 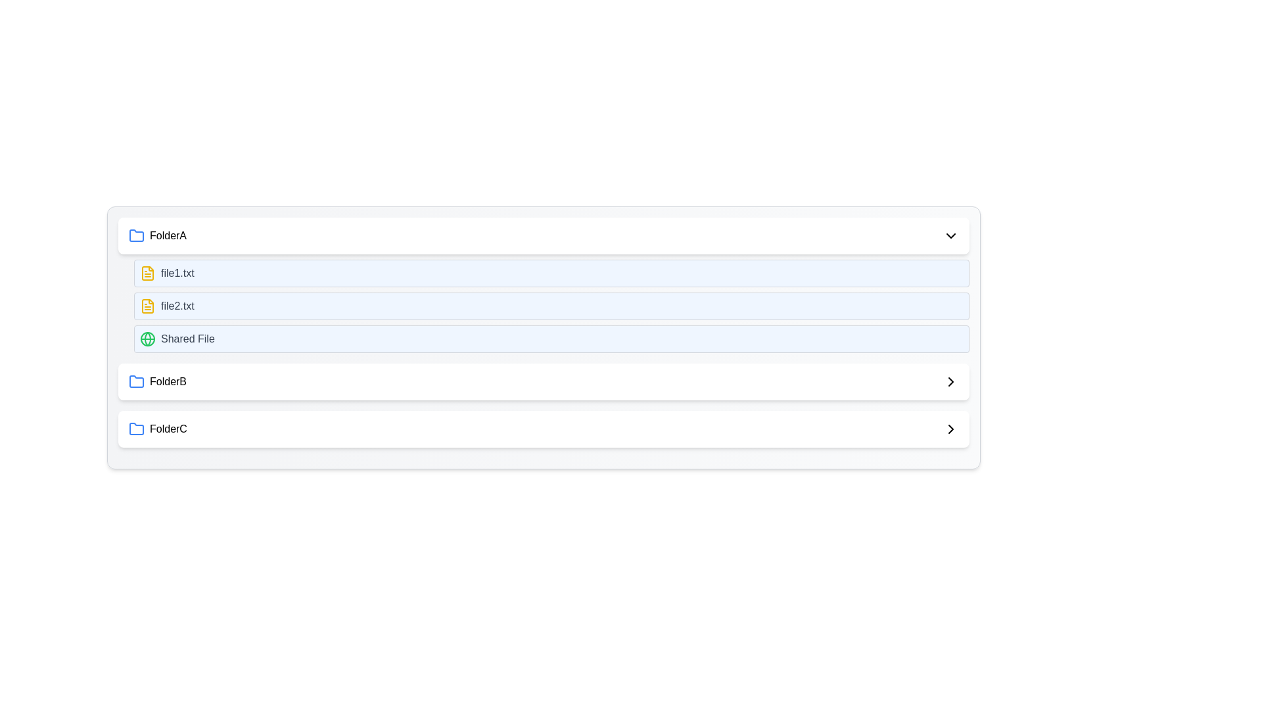 I want to click on the Chevron Arrow icon associated with the 'FolderC' group, so click(x=950, y=429).